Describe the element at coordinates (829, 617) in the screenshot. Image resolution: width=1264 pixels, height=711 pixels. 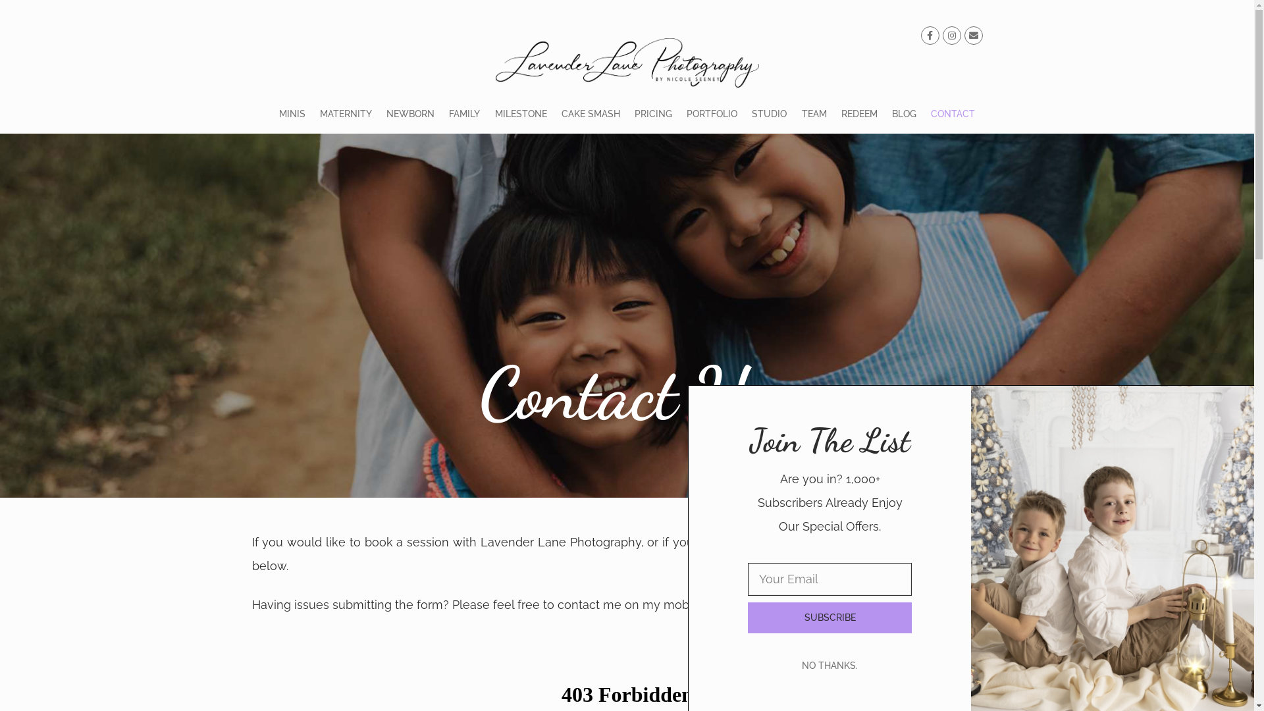
I see `'SUBSCRIBE'` at that location.